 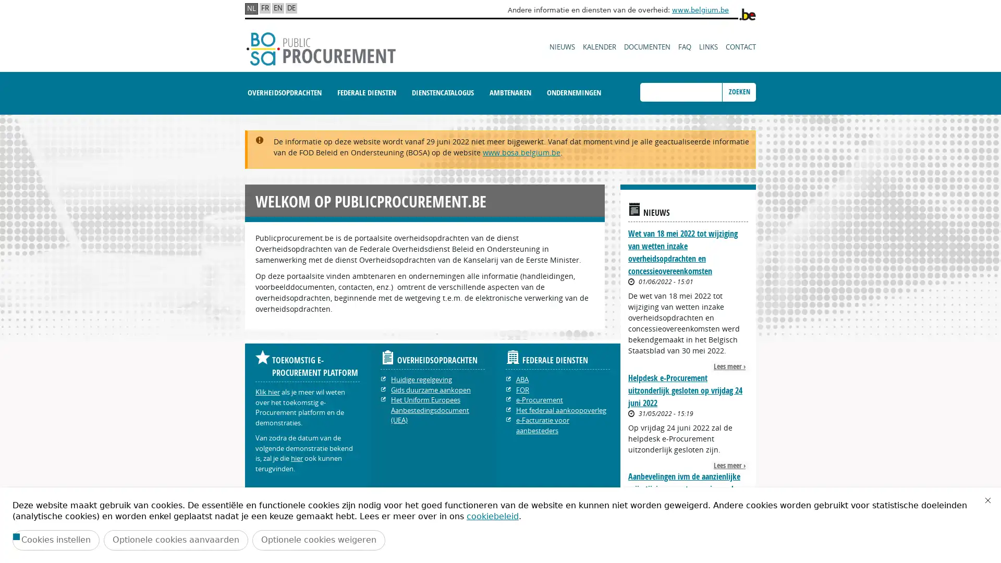 I want to click on Cookies instellen, so click(x=55, y=540).